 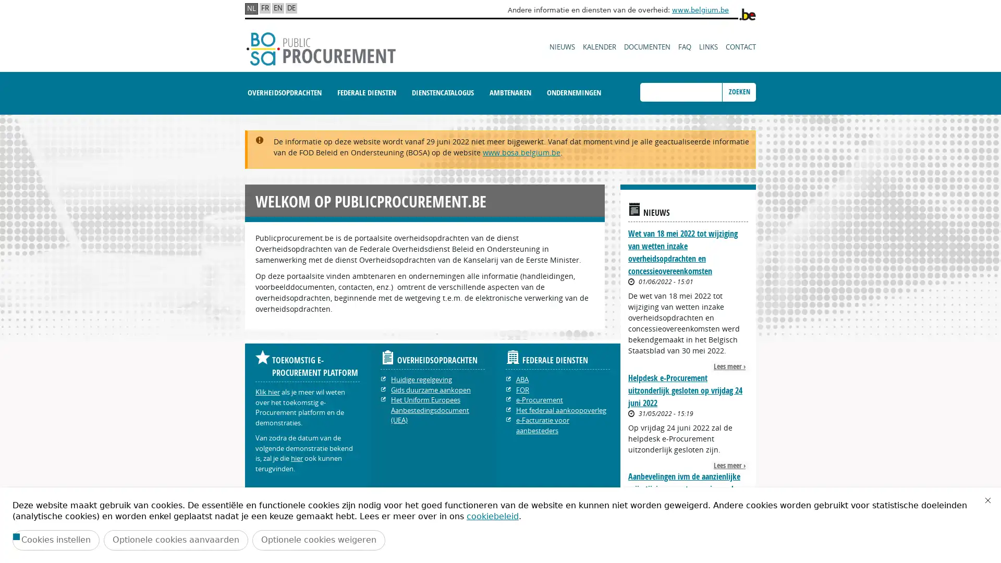 I want to click on Cookies instellen, so click(x=55, y=540).